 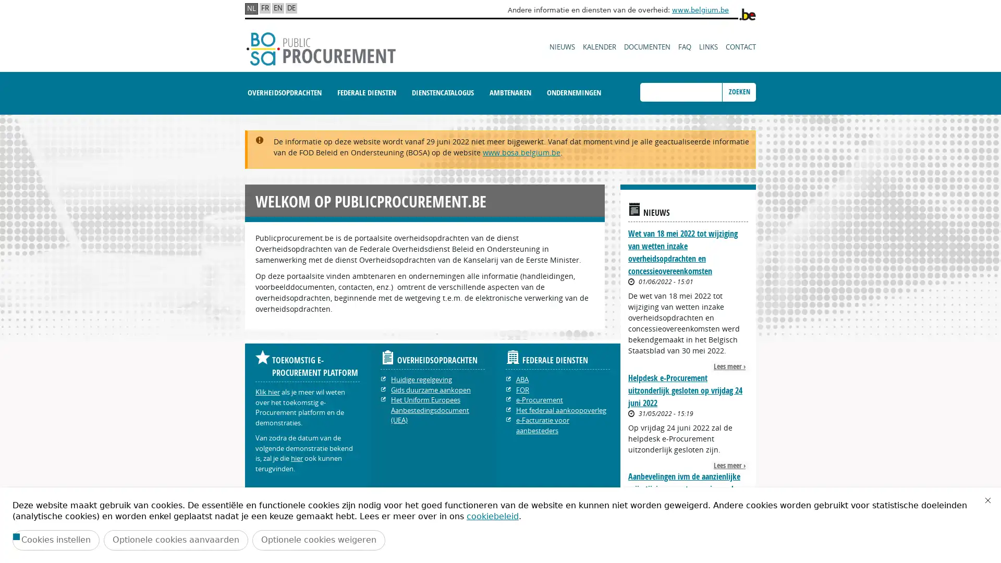 I want to click on Cookies instellen, so click(x=55, y=540).